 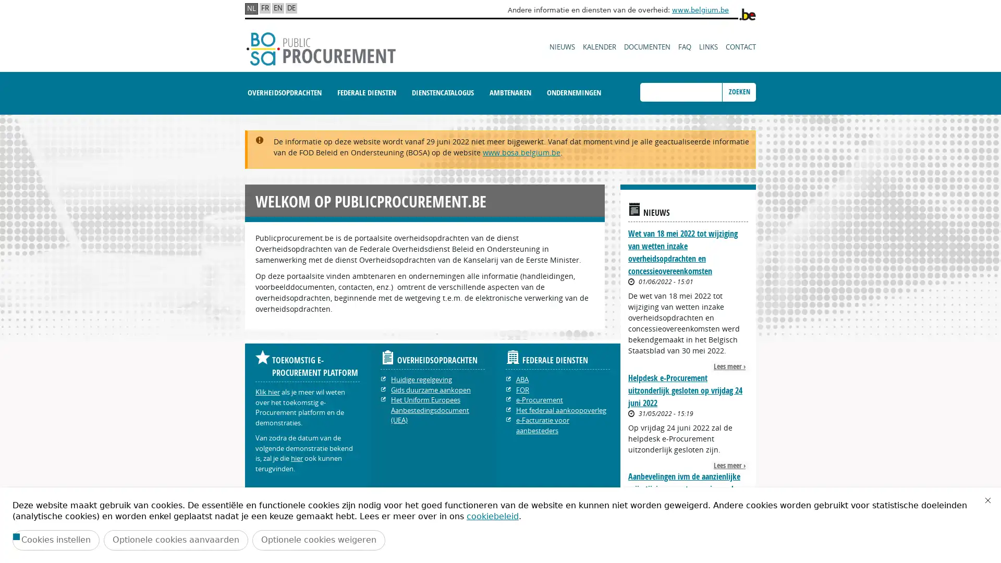 I want to click on Cookies instellen, so click(x=55, y=540).